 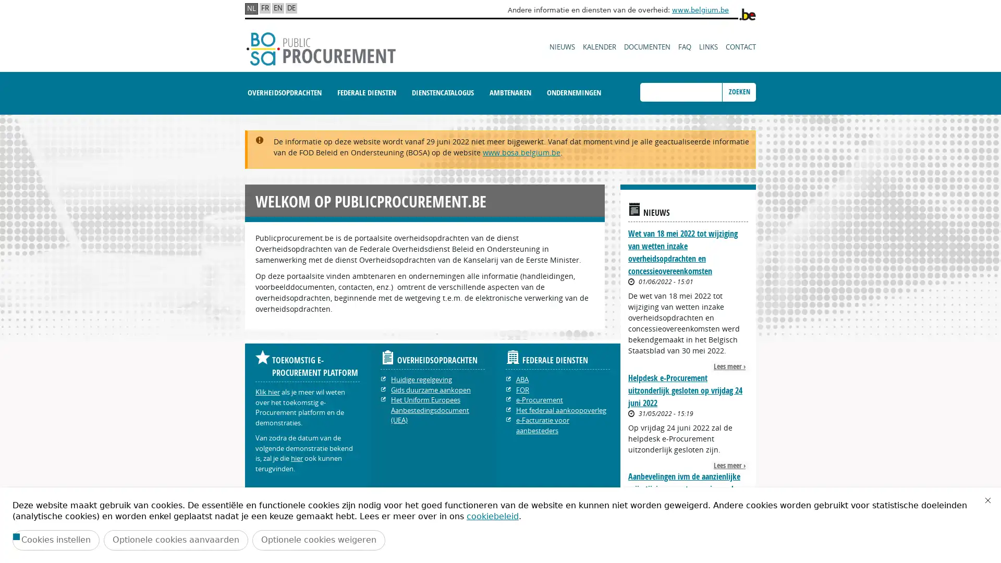 I want to click on Cookies instellen, so click(x=55, y=540).